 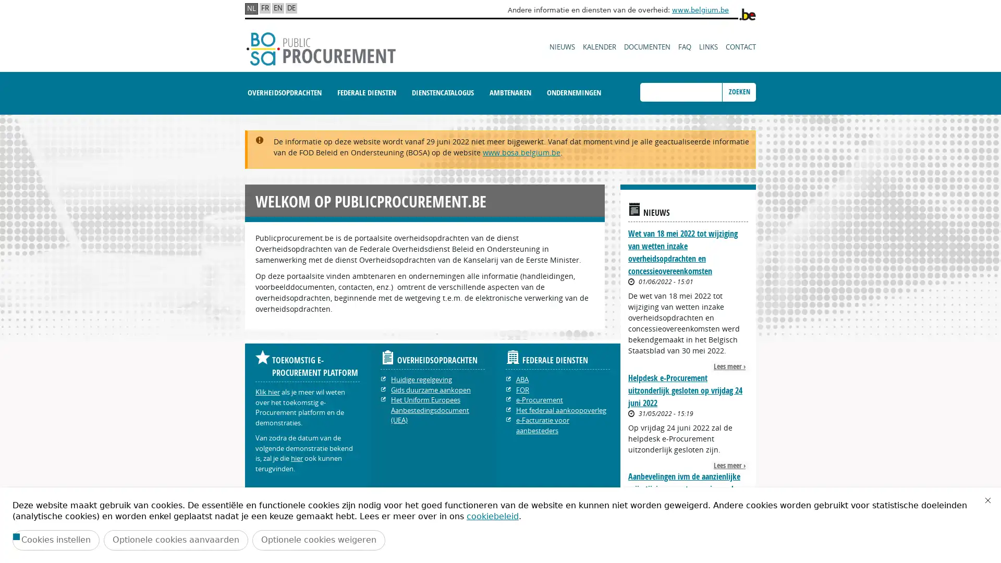 I want to click on Cookies instellen, so click(x=55, y=540).